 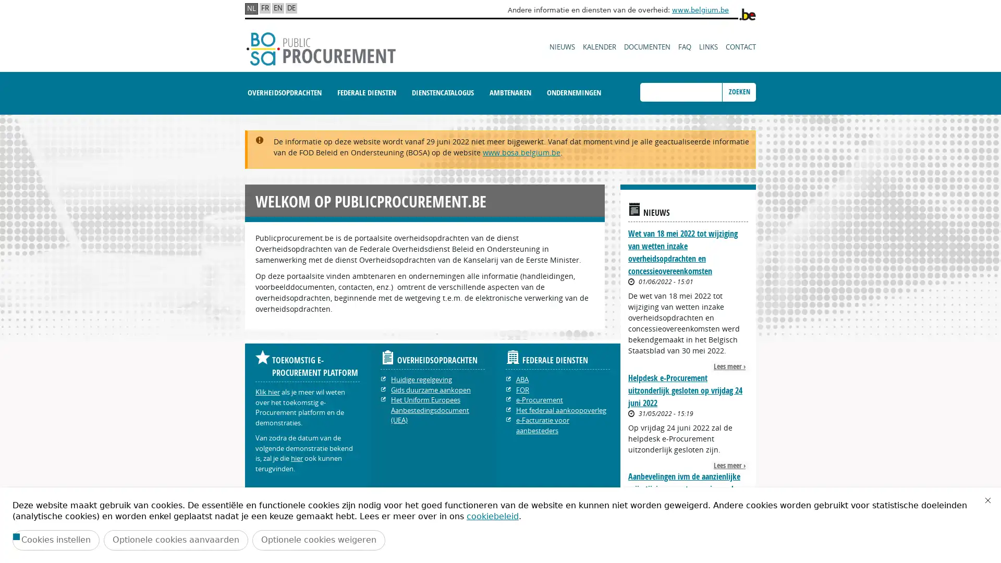 I want to click on Cookies instellen, so click(x=55, y=540).